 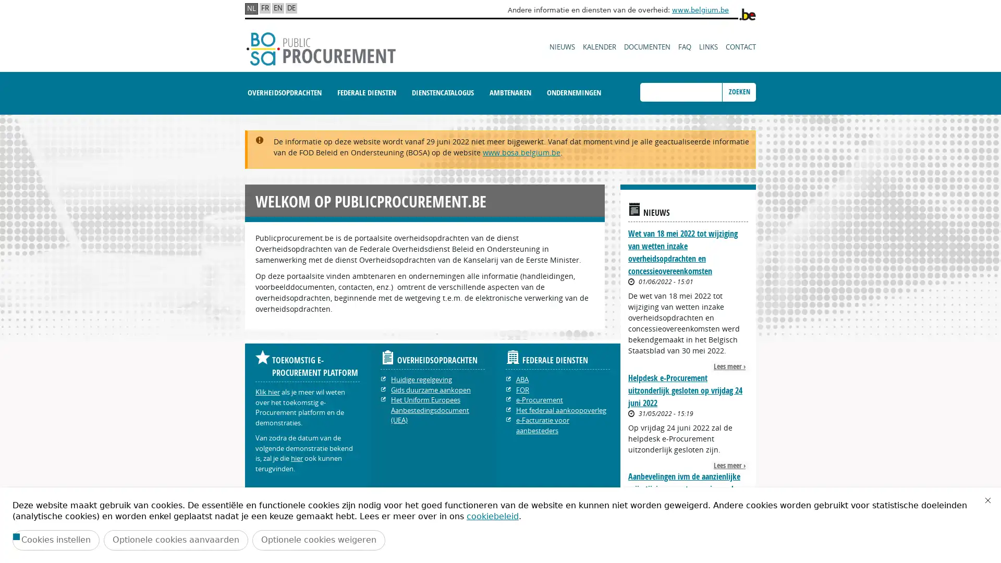 I want to click on Cookies instellen, so click(x=55, y=540).